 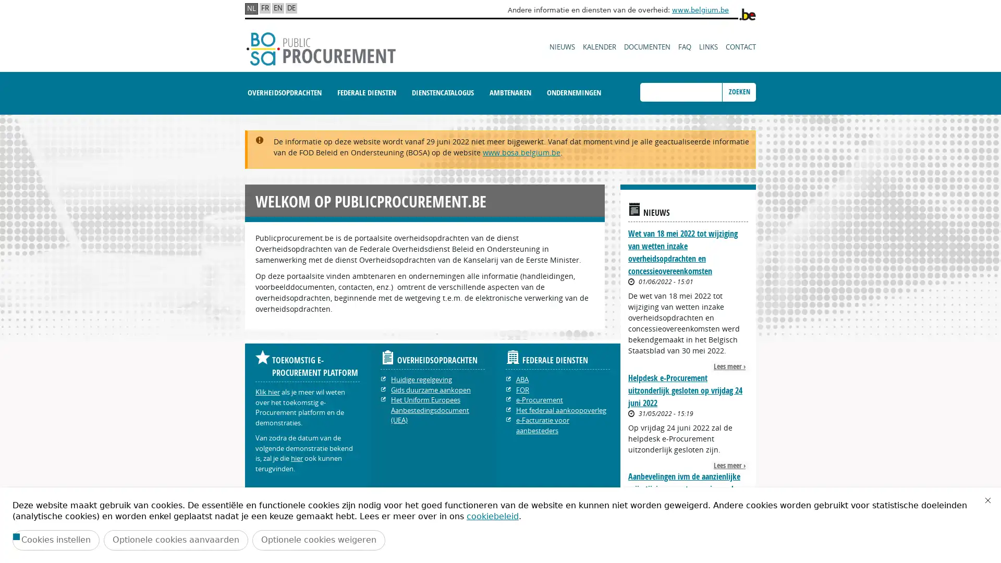 I want to click on Cookies instellen, so click(x=55, y=540).